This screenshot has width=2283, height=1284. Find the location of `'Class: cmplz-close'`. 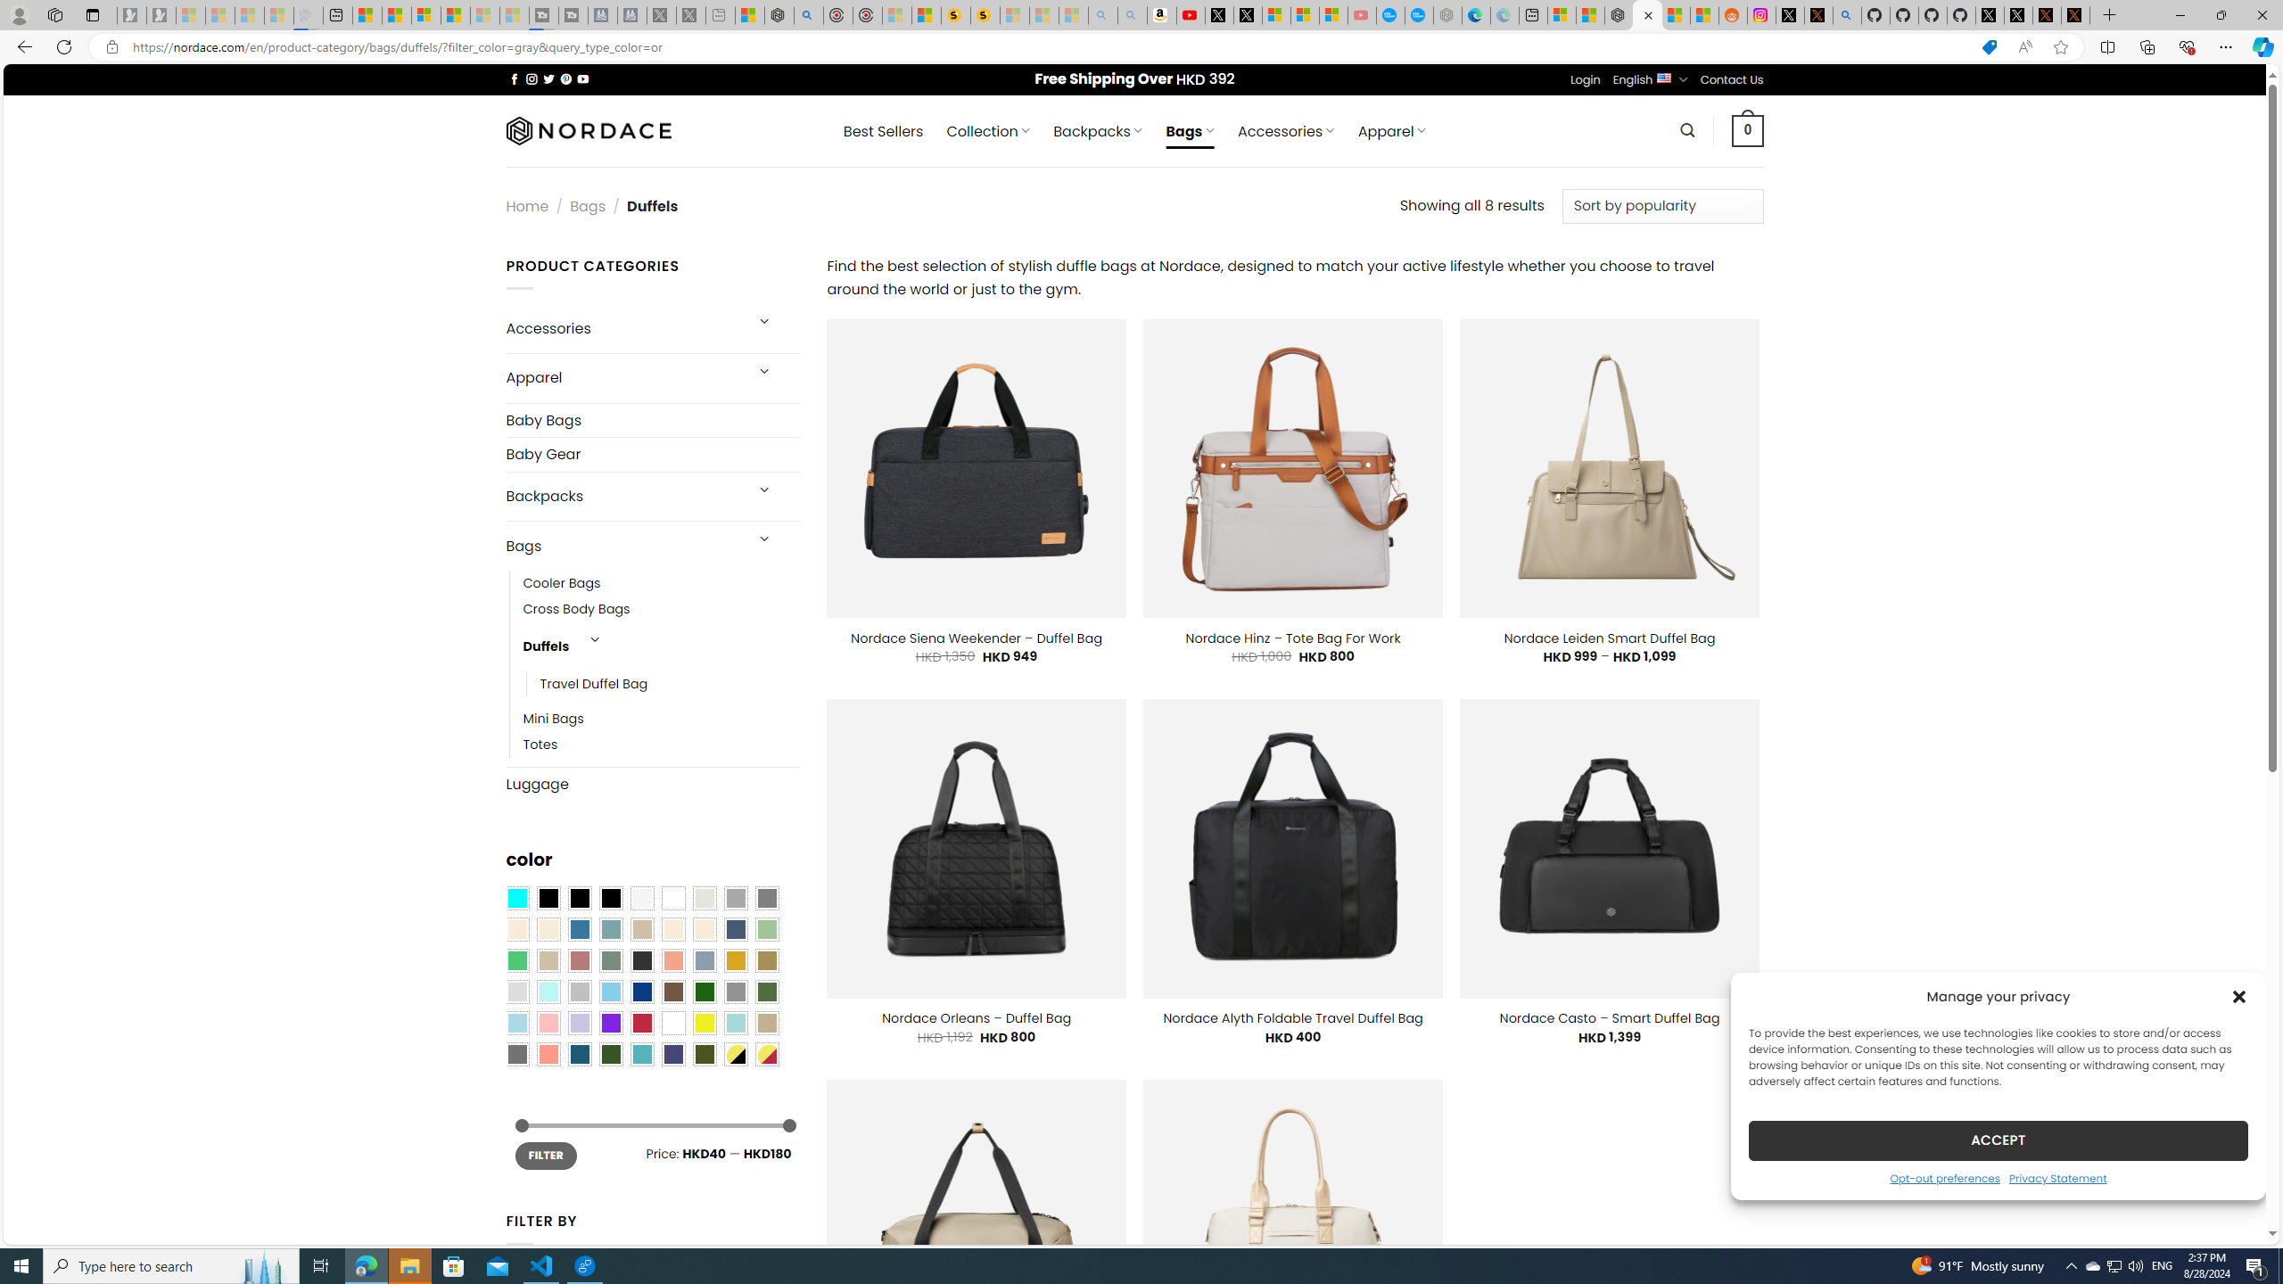

'Class: cmplz-close' is located at coordinates (2239, 996).